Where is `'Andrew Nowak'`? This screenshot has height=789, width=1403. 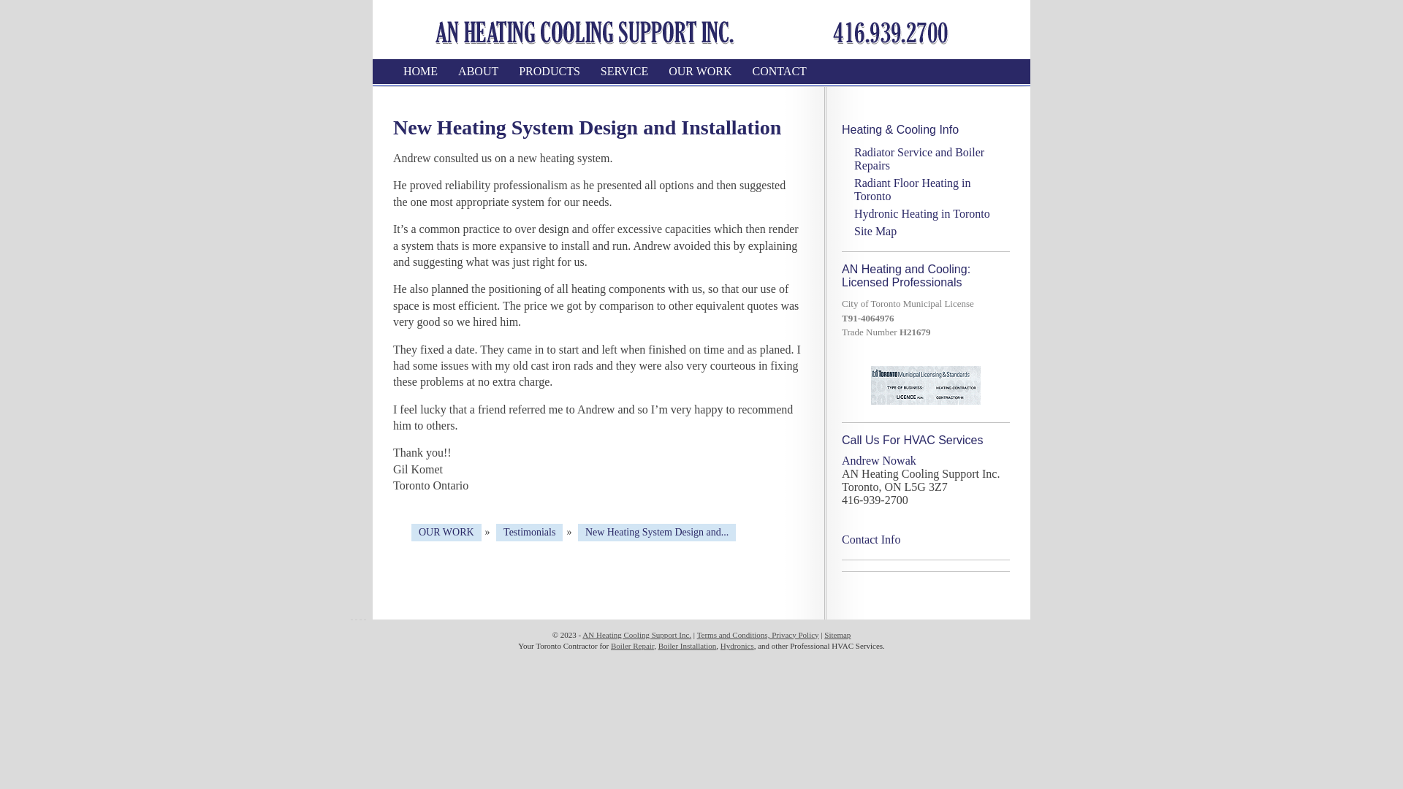 'Andrew Nowak' is located at coordinates (878, 460).